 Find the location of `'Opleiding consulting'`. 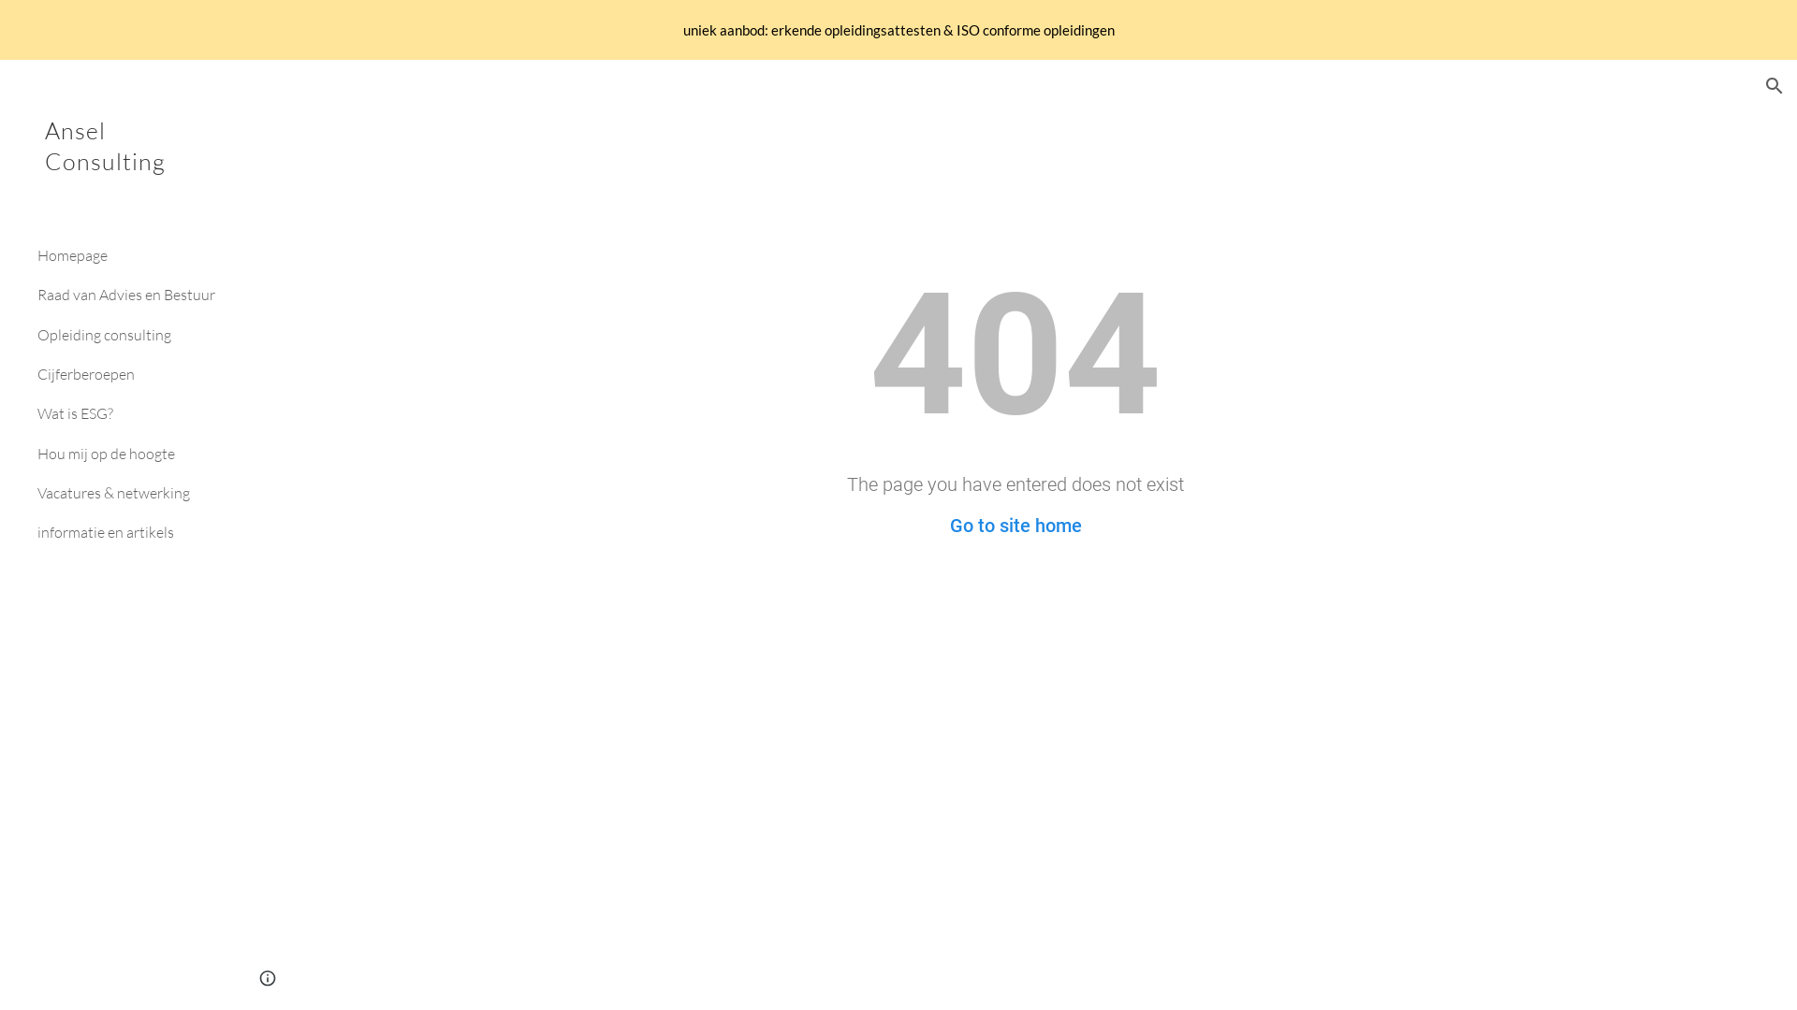

'Opleiding consulting' is located at coordinates (127, 334).